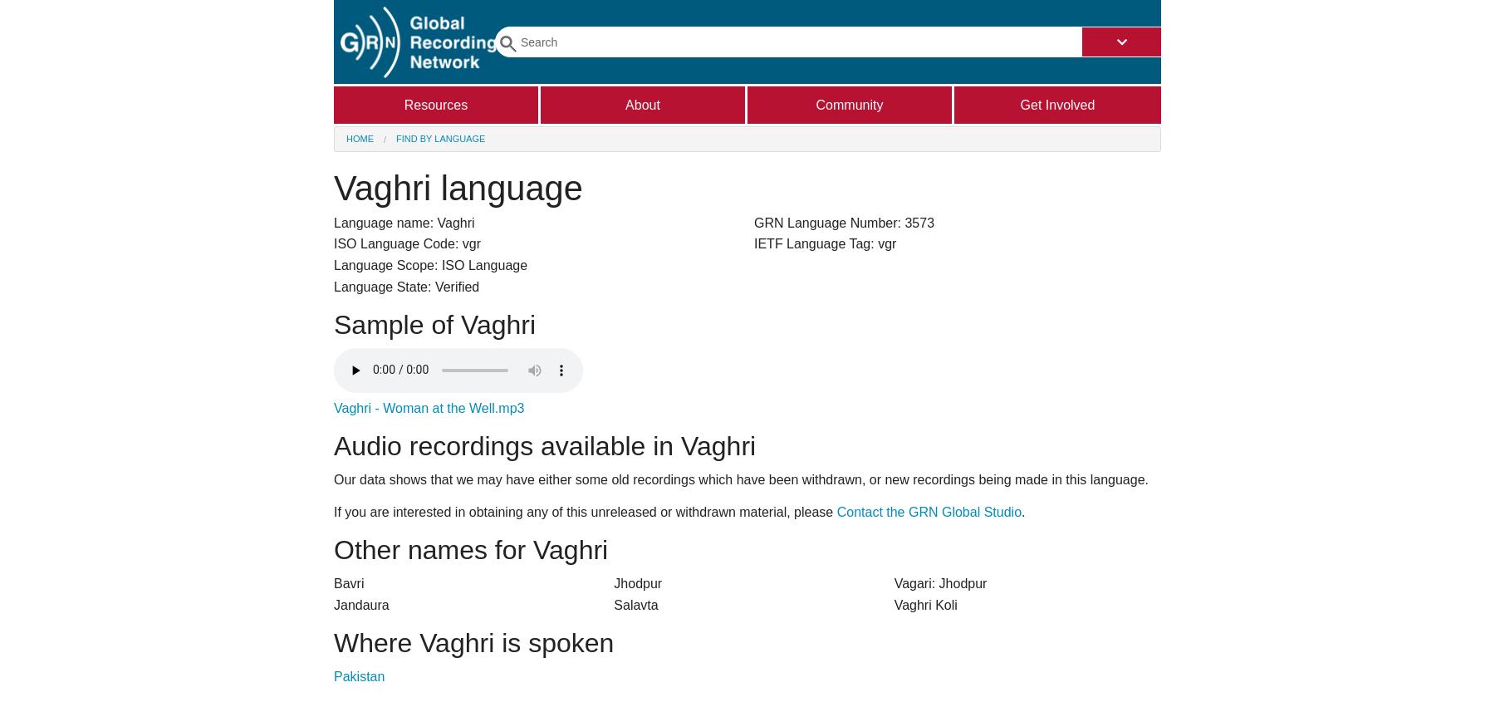  What do you see at coordinates (1022, 511) in the screenshot?
I see `'.'` at bounding box center [1022, 511].